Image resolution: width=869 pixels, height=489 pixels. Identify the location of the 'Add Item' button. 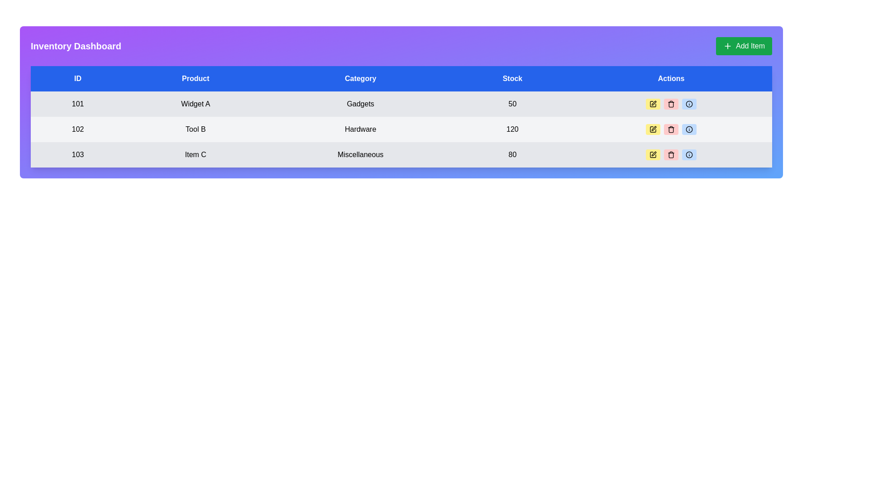
(744, 46).